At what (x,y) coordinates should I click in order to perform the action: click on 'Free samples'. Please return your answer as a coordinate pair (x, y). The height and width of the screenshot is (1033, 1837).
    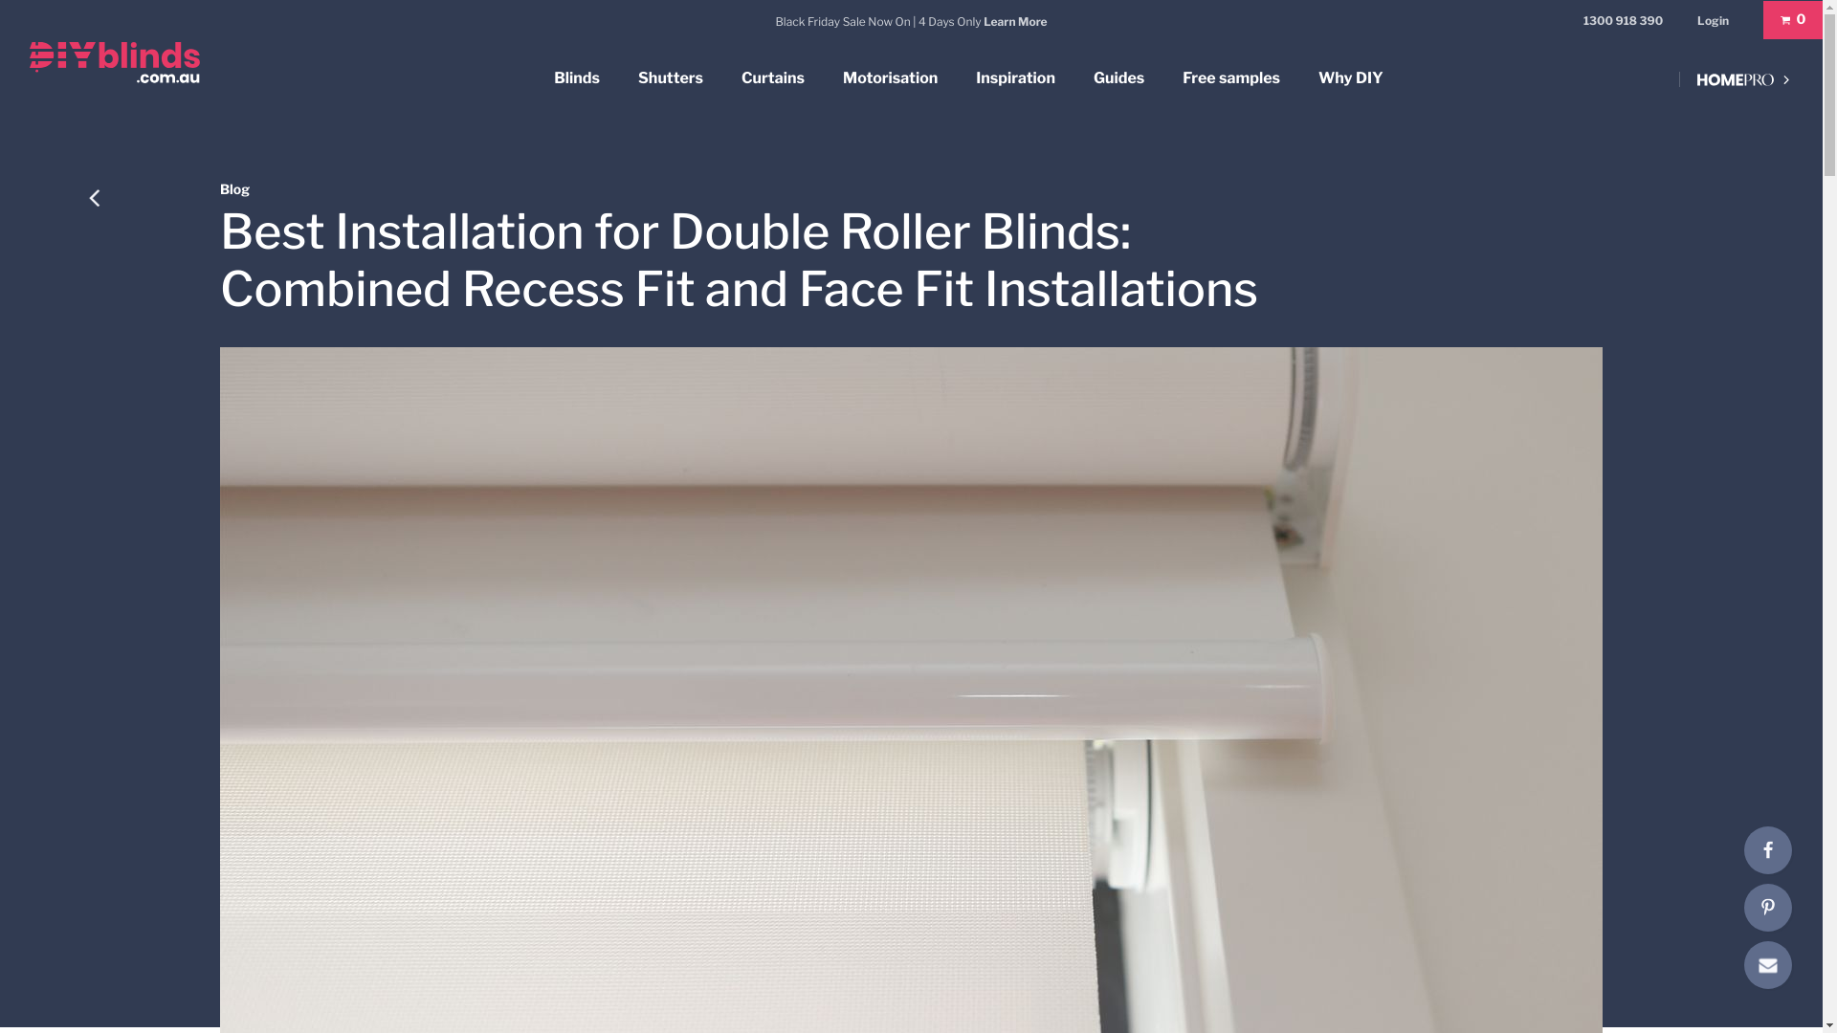
    Looking at the image, I should click on (1230, 77).